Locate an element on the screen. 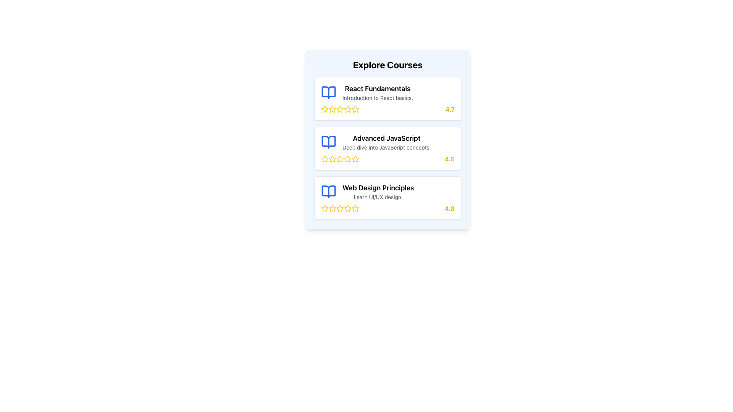 This screenshot has height=412, width=733. the subtitle text for the course 'Advanced JavaScript', located directly below the course title within the second entry of the 'Explore Courses' list is located at coordinates (386, 147).